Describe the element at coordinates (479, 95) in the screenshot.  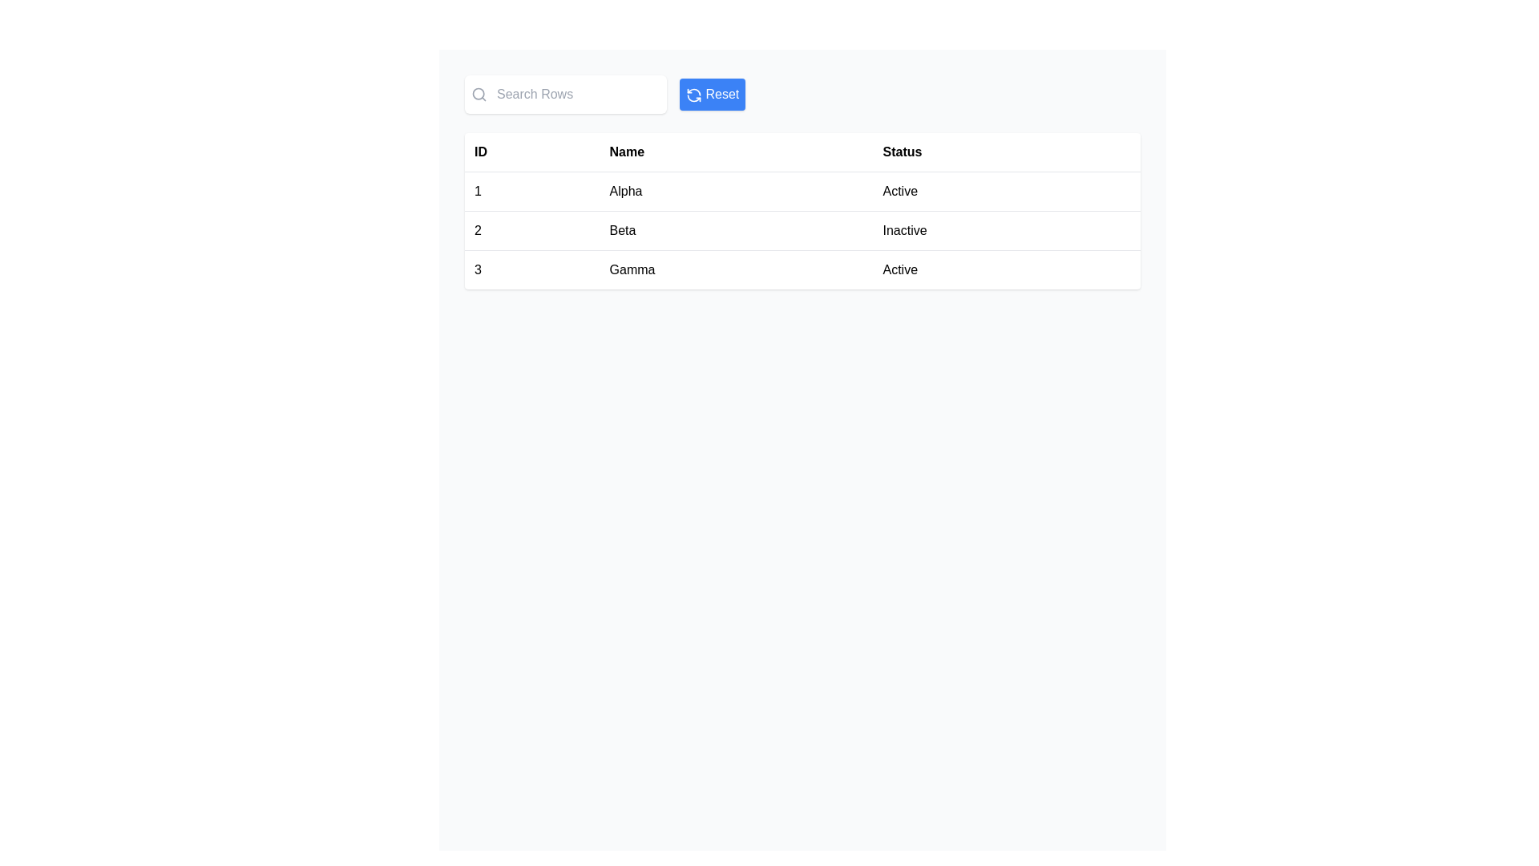
I see `the search icon located at the top left corner of the interface, which indicates the search functionality` at that location.